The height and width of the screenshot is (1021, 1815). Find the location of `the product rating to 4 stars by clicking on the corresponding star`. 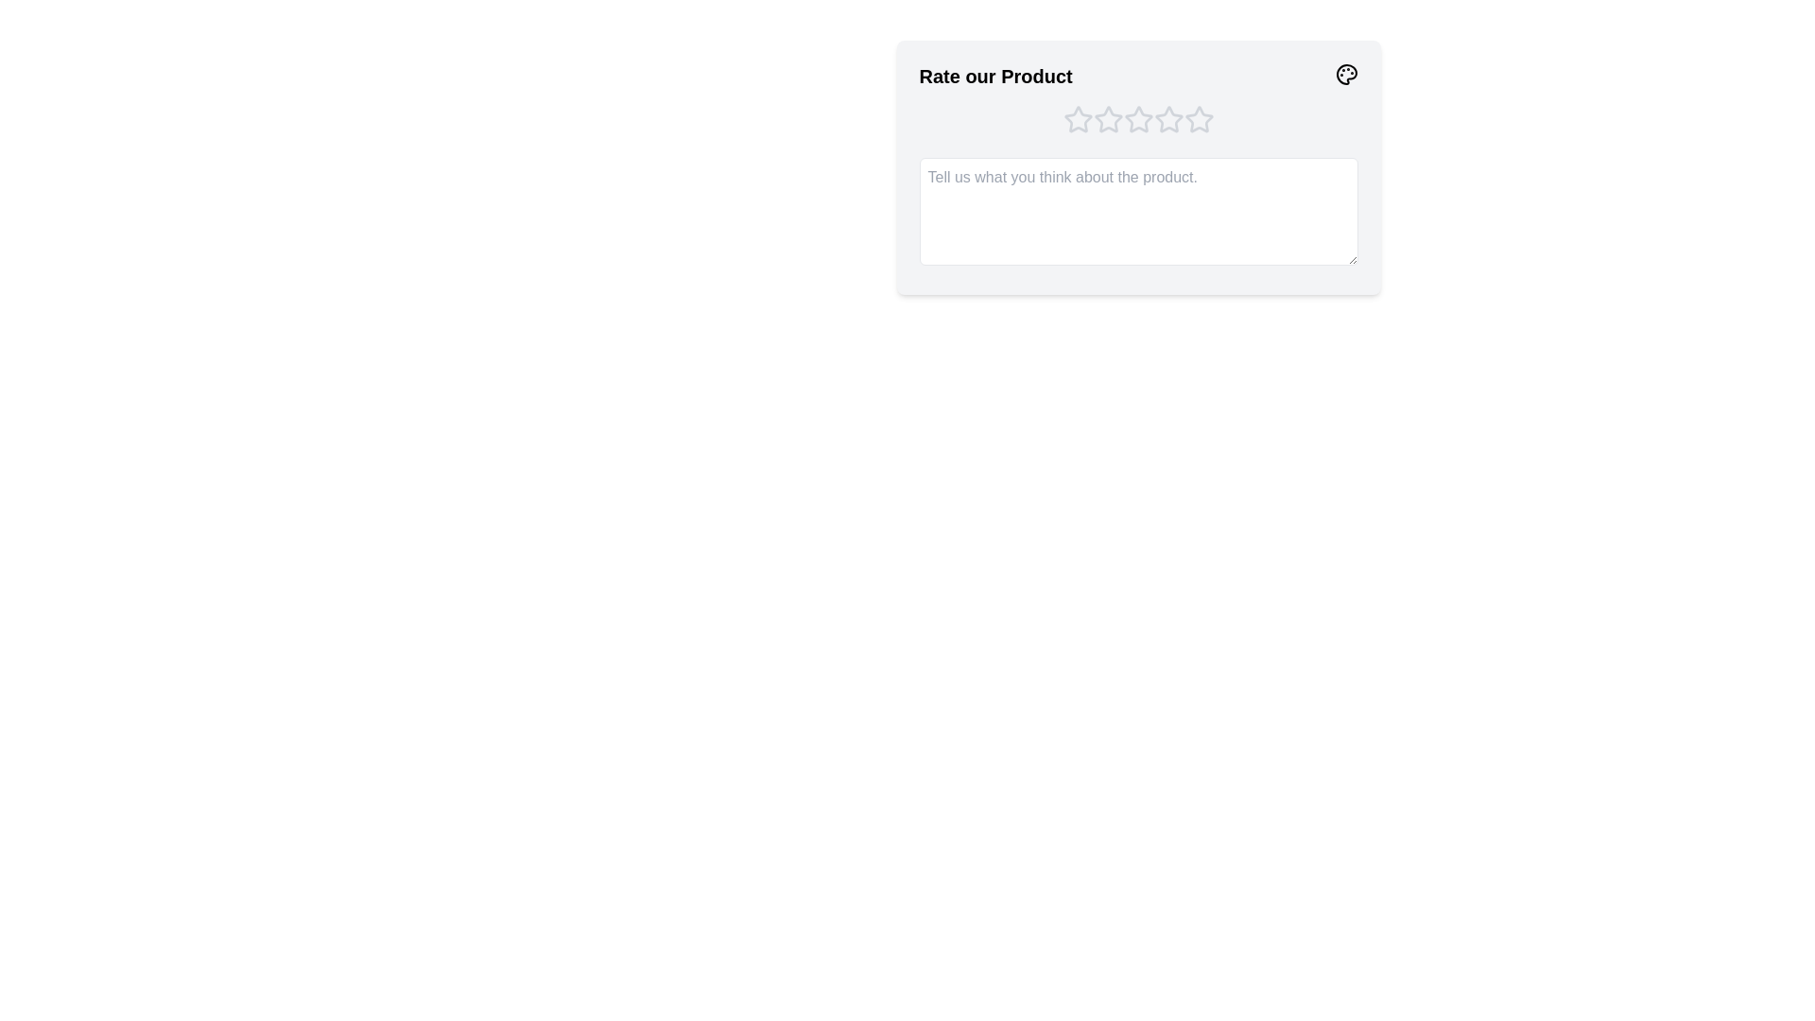

the product rating to 4 stars by clicking on the corresponding star is located at coordinates (1167, 120).